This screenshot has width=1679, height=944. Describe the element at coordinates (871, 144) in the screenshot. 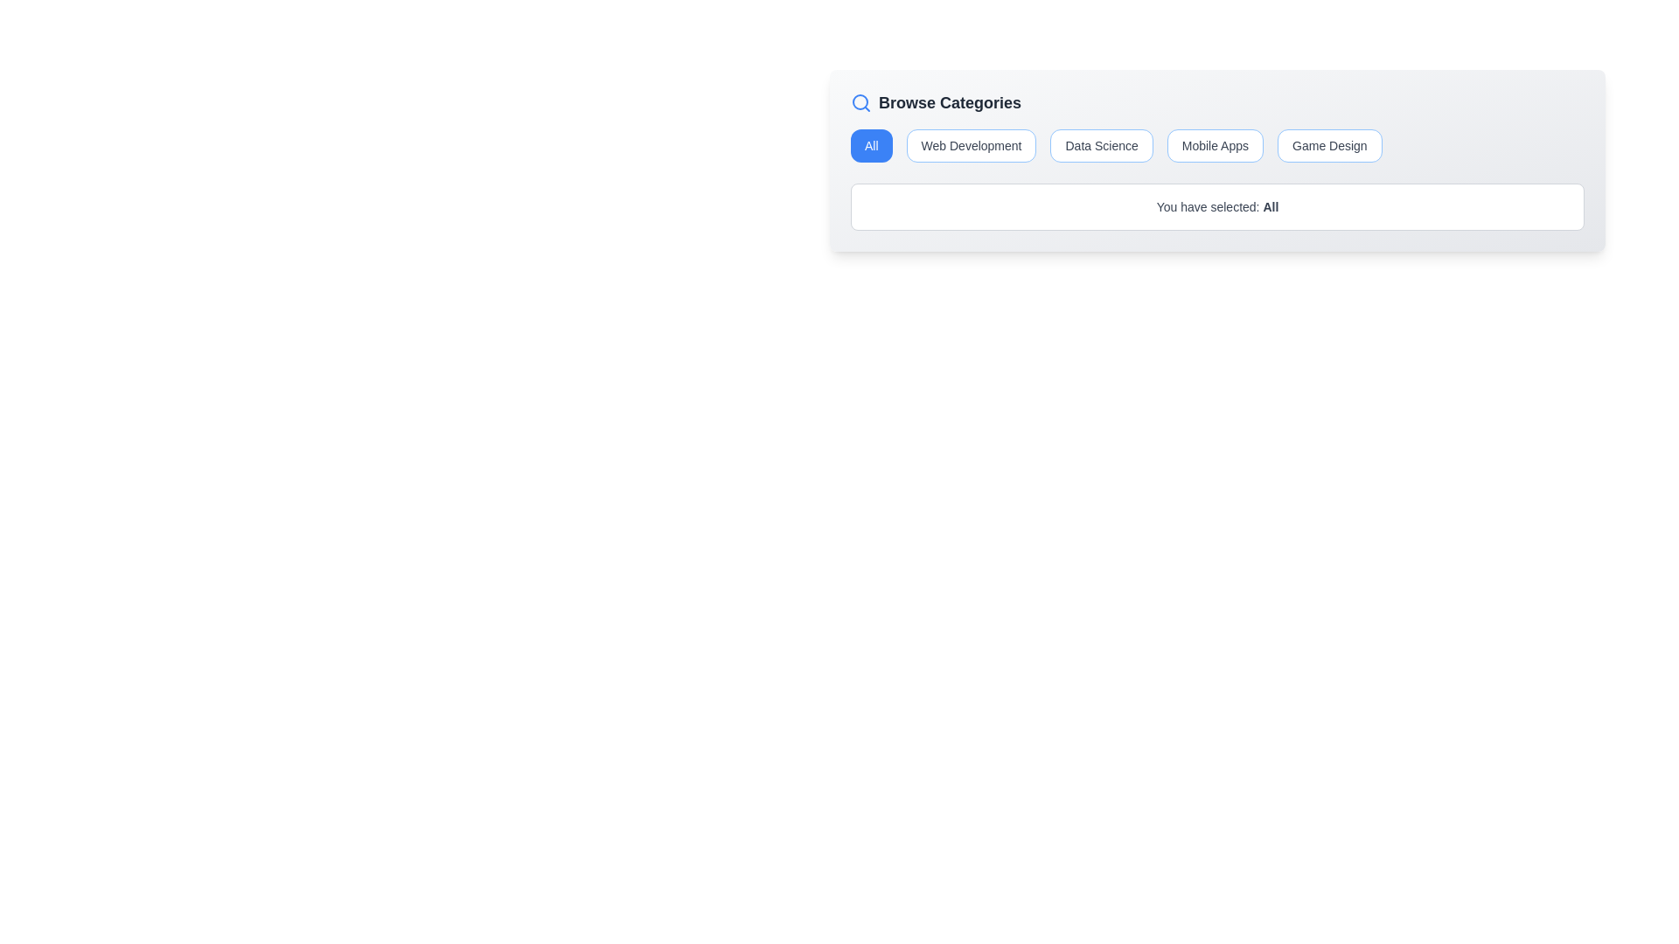

I see `the filter button labeled 'All'` at that location.